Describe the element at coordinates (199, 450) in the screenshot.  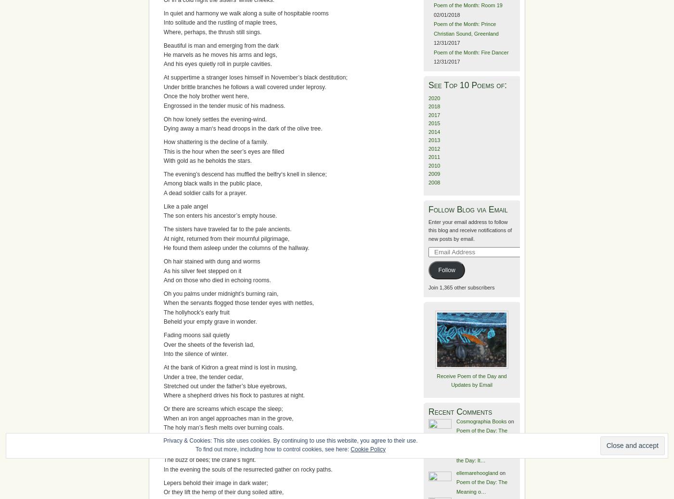
I see `'Sheaves of faded corn sing;'` at that location.